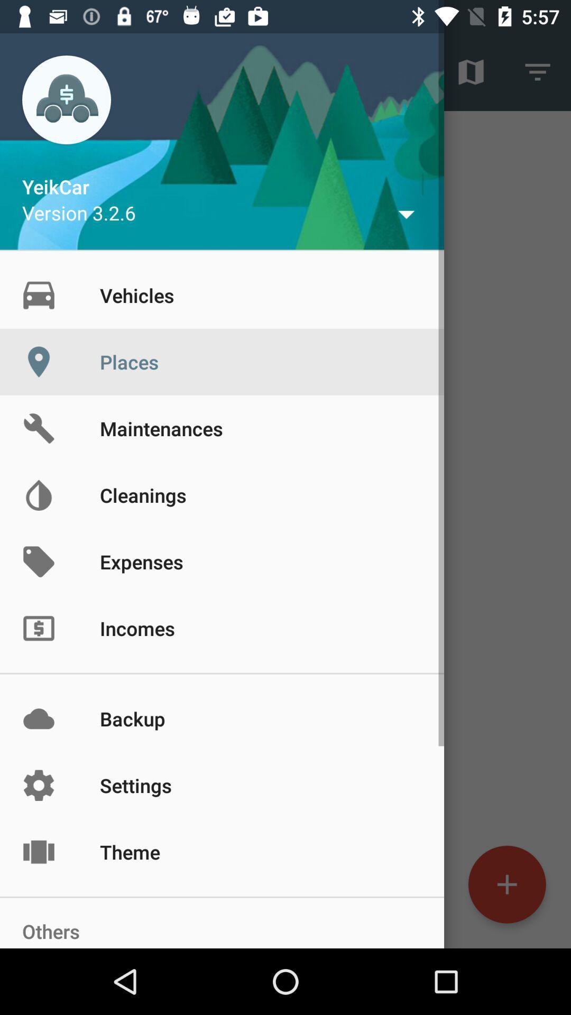 This screenshot has width=571, height=1015. What do you see at coordinates (506, 884) in the screenshot?
I see `the add icon` at bounding box center [506, 884].